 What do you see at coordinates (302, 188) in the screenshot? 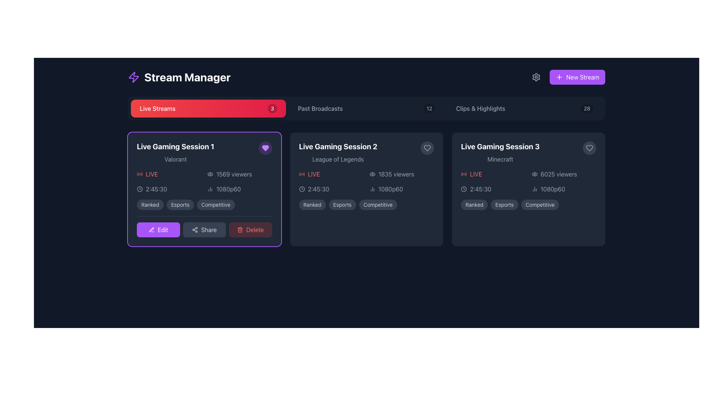
I see `the time icon representing the live stream duration in 'Live Gaming Session 1', located to the left of the text '2:45:30'` at bounding box center [302, 188].